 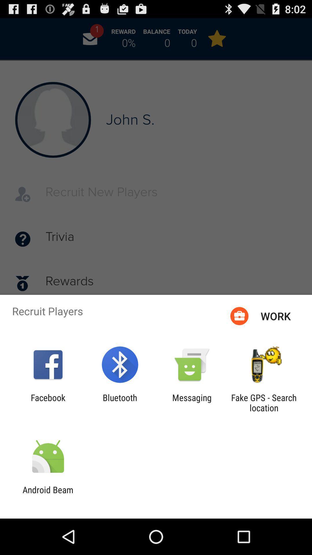 I want to click on messaging, so click(x=192, y=402).